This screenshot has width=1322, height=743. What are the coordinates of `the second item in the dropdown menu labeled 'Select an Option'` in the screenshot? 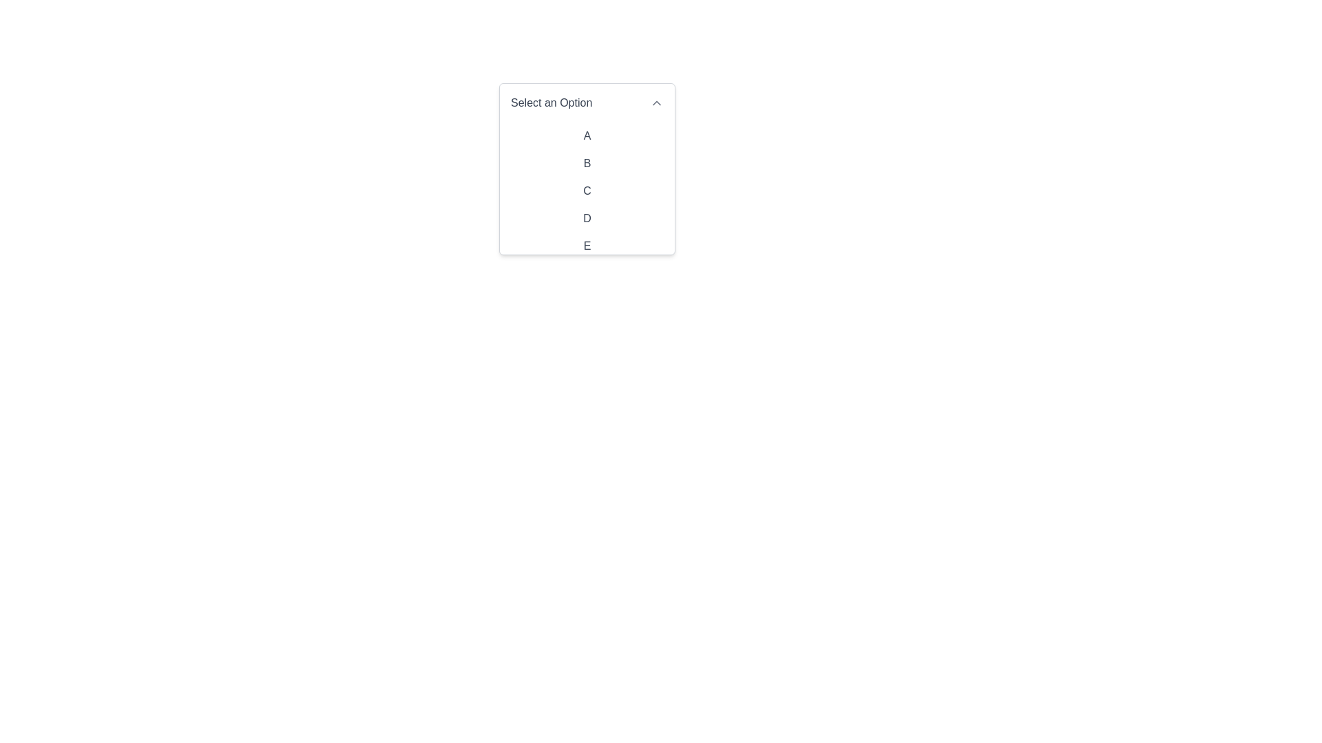 It's located at (587, 169).